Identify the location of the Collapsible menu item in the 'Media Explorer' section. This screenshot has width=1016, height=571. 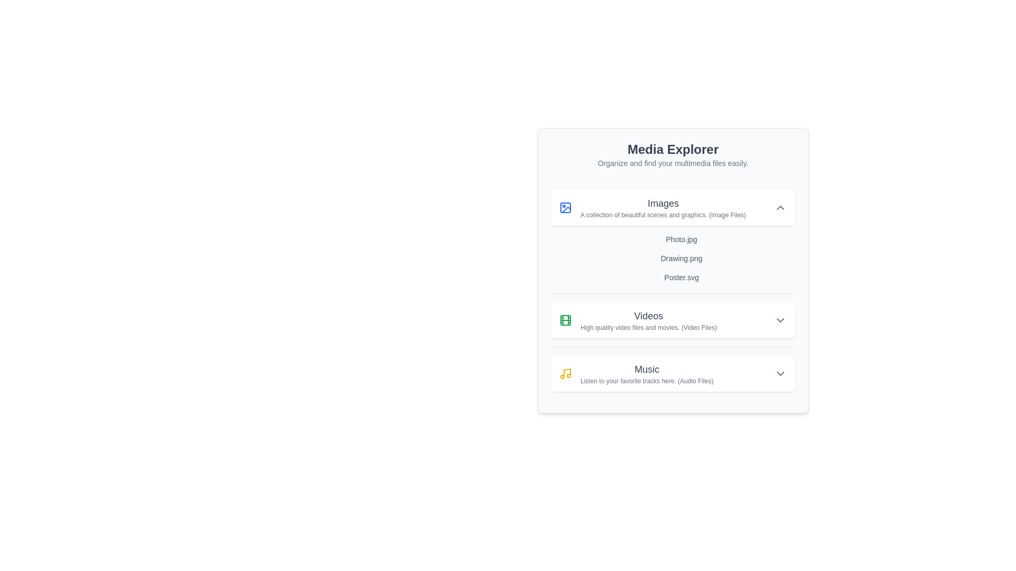
(673, 372).